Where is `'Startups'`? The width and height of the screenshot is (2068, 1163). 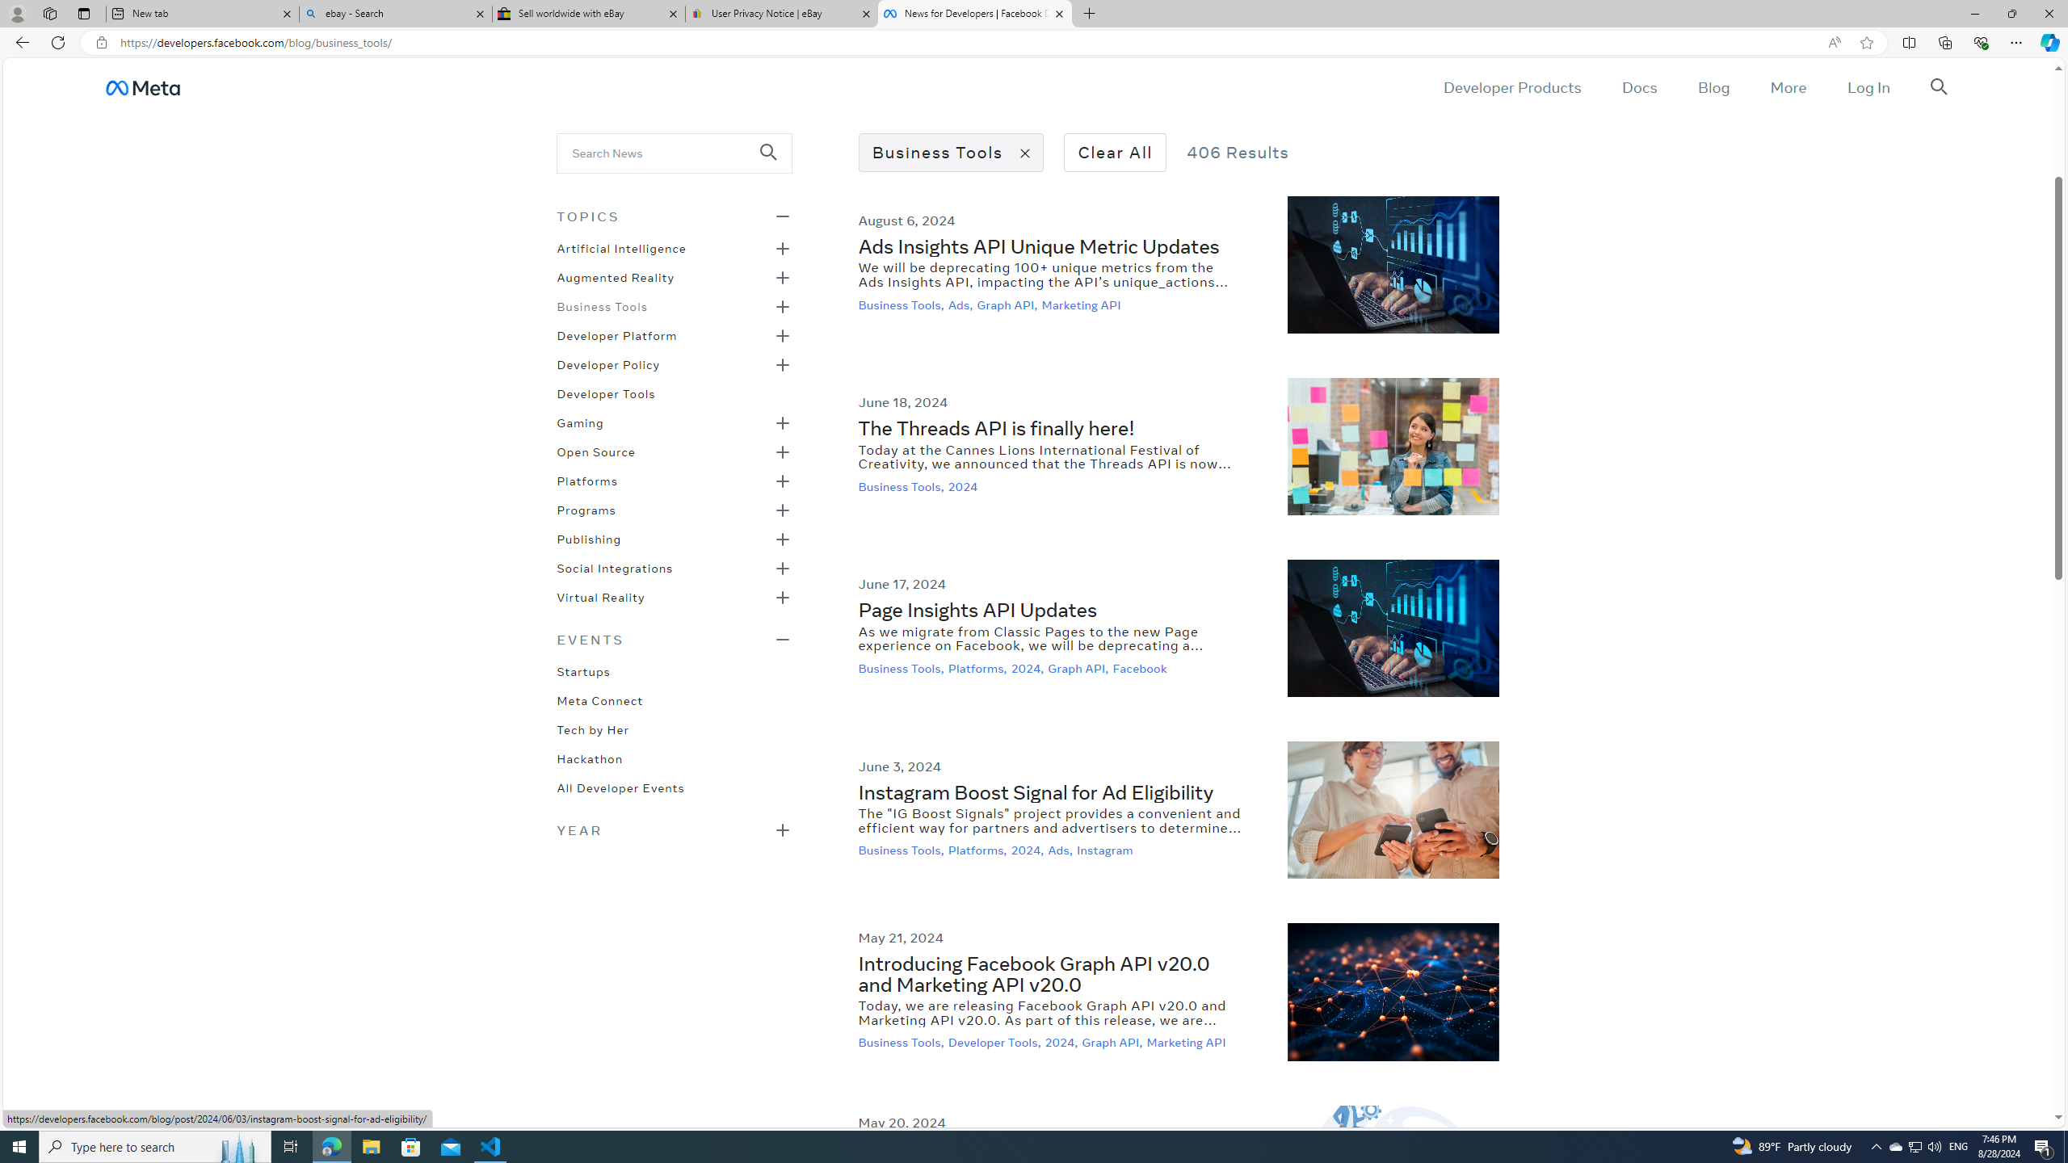
'Startups' is located at coordinates (582, 670).